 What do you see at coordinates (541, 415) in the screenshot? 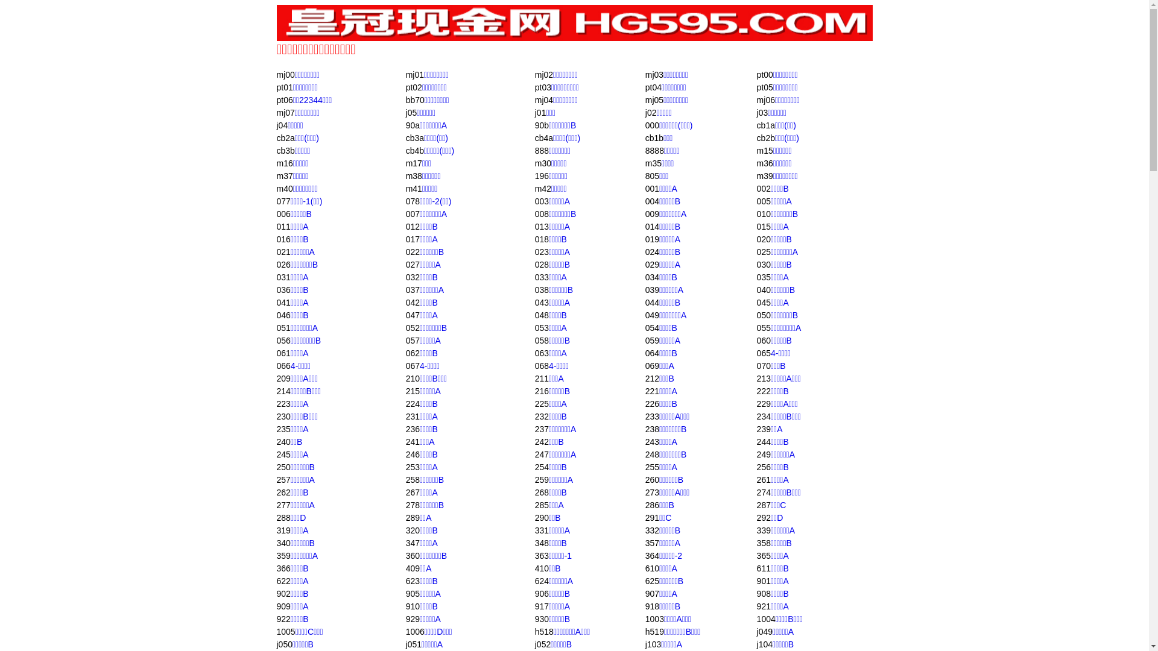
I see `'232'` at bounding box center [541, 415].